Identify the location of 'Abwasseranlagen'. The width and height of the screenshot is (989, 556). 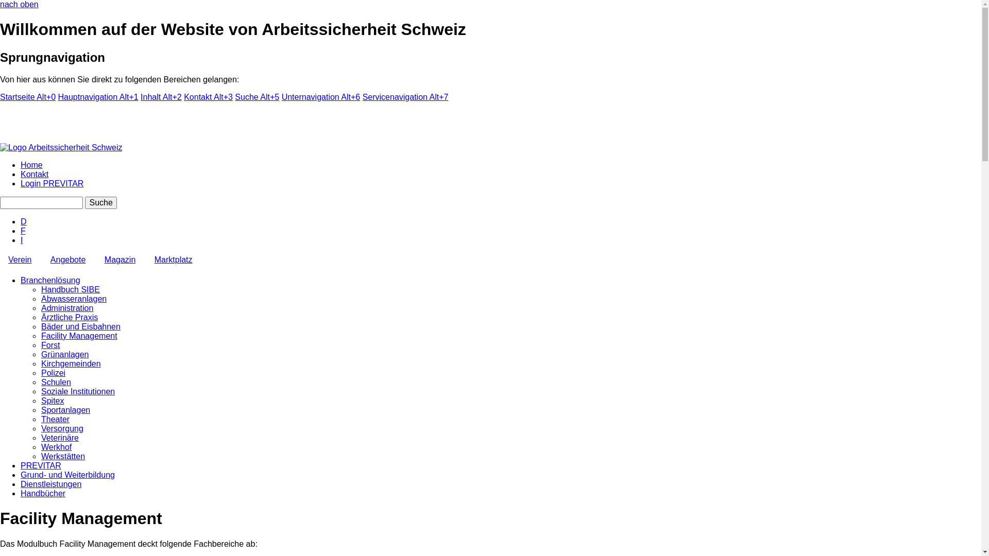
(73, 299).